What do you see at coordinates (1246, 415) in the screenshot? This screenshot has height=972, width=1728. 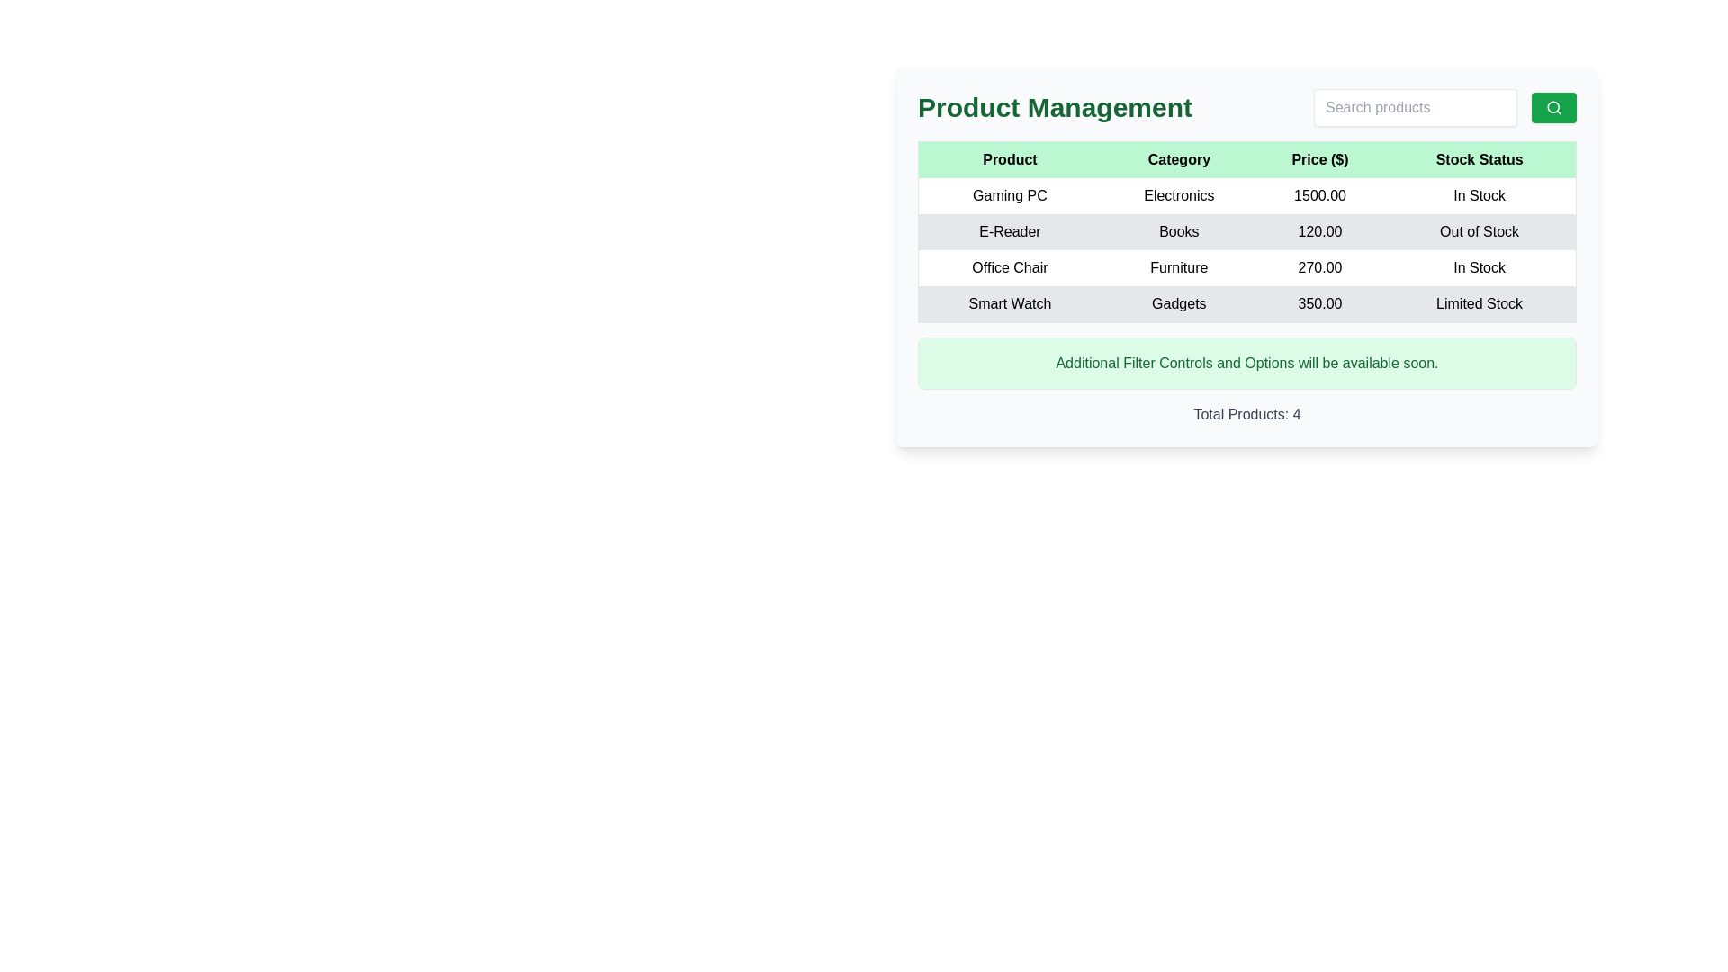 I see `the informational label displaying the total count of products listed in the table, located below the green-highlighted message saying 'Additional Filter Controls and Options will be available soon.'` at bounding box center [1246, 415].